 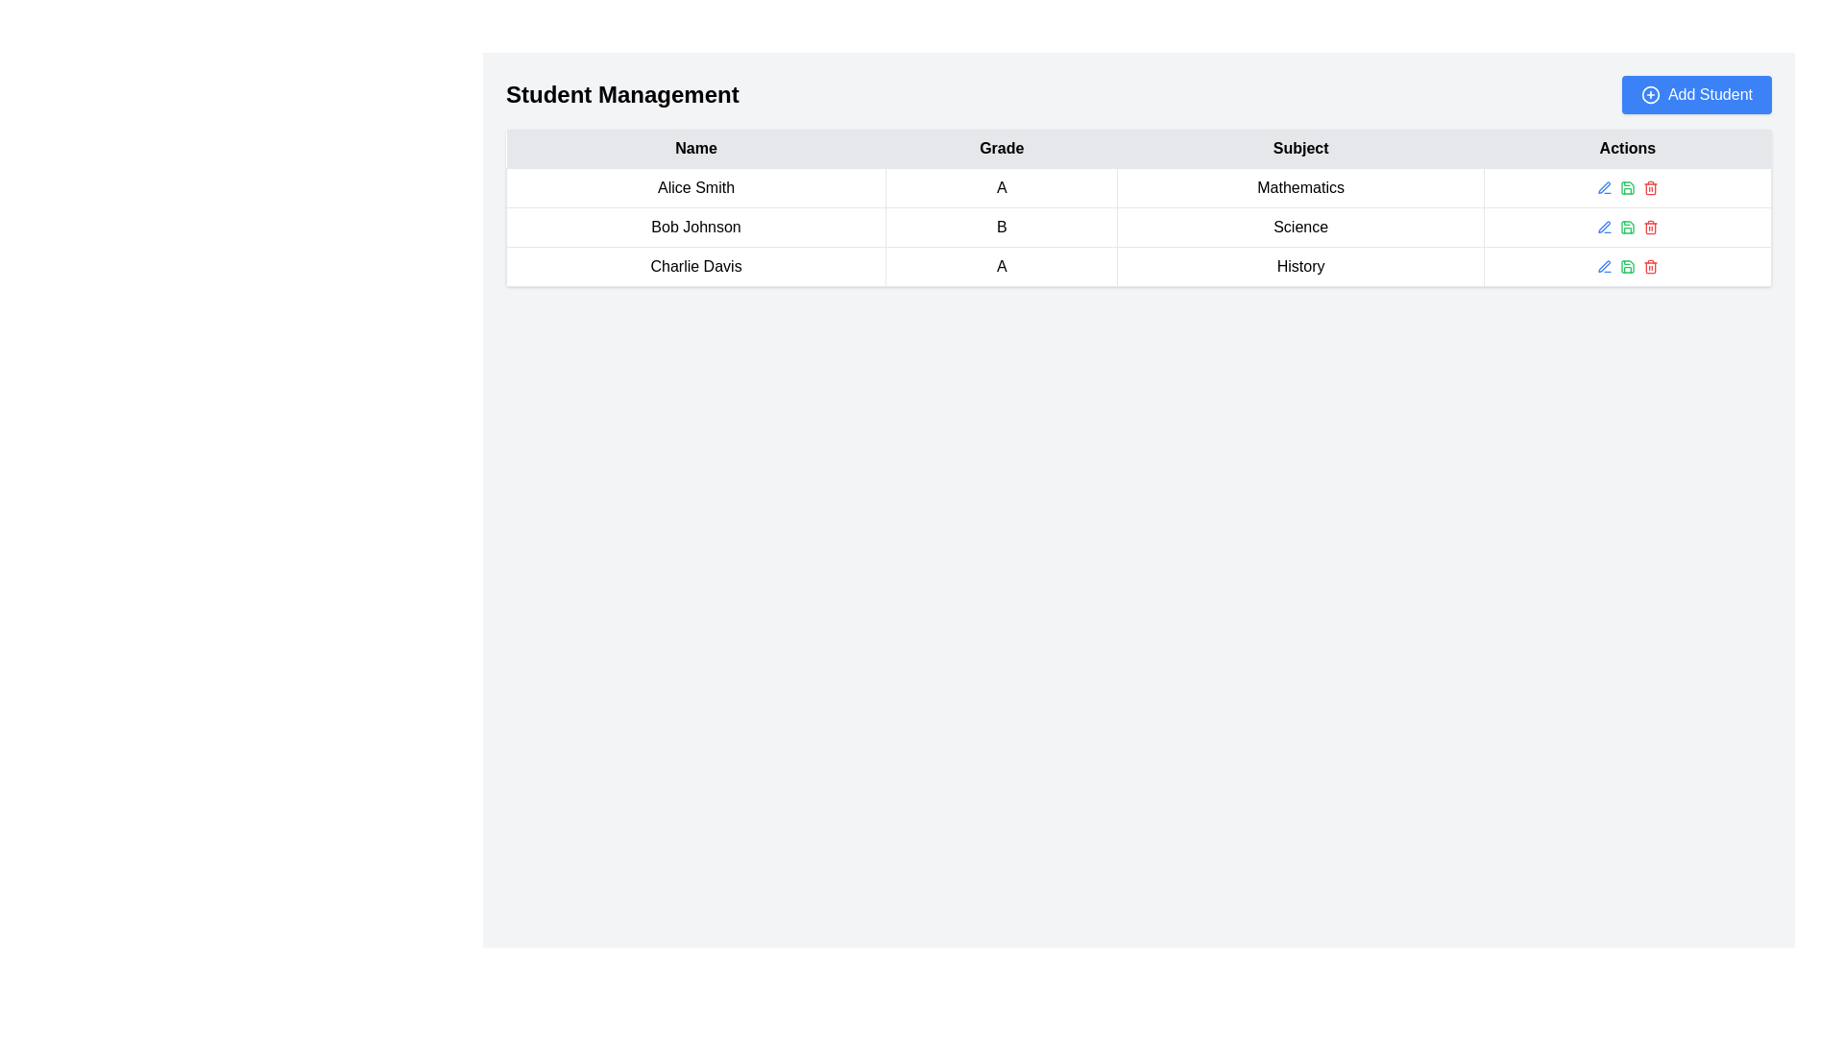 I want to click on the table cell that displays the academic subject associated with 'Alice Smith', which is the third cell in her row under the 'Subject' column, so click(x=1300, y=188).